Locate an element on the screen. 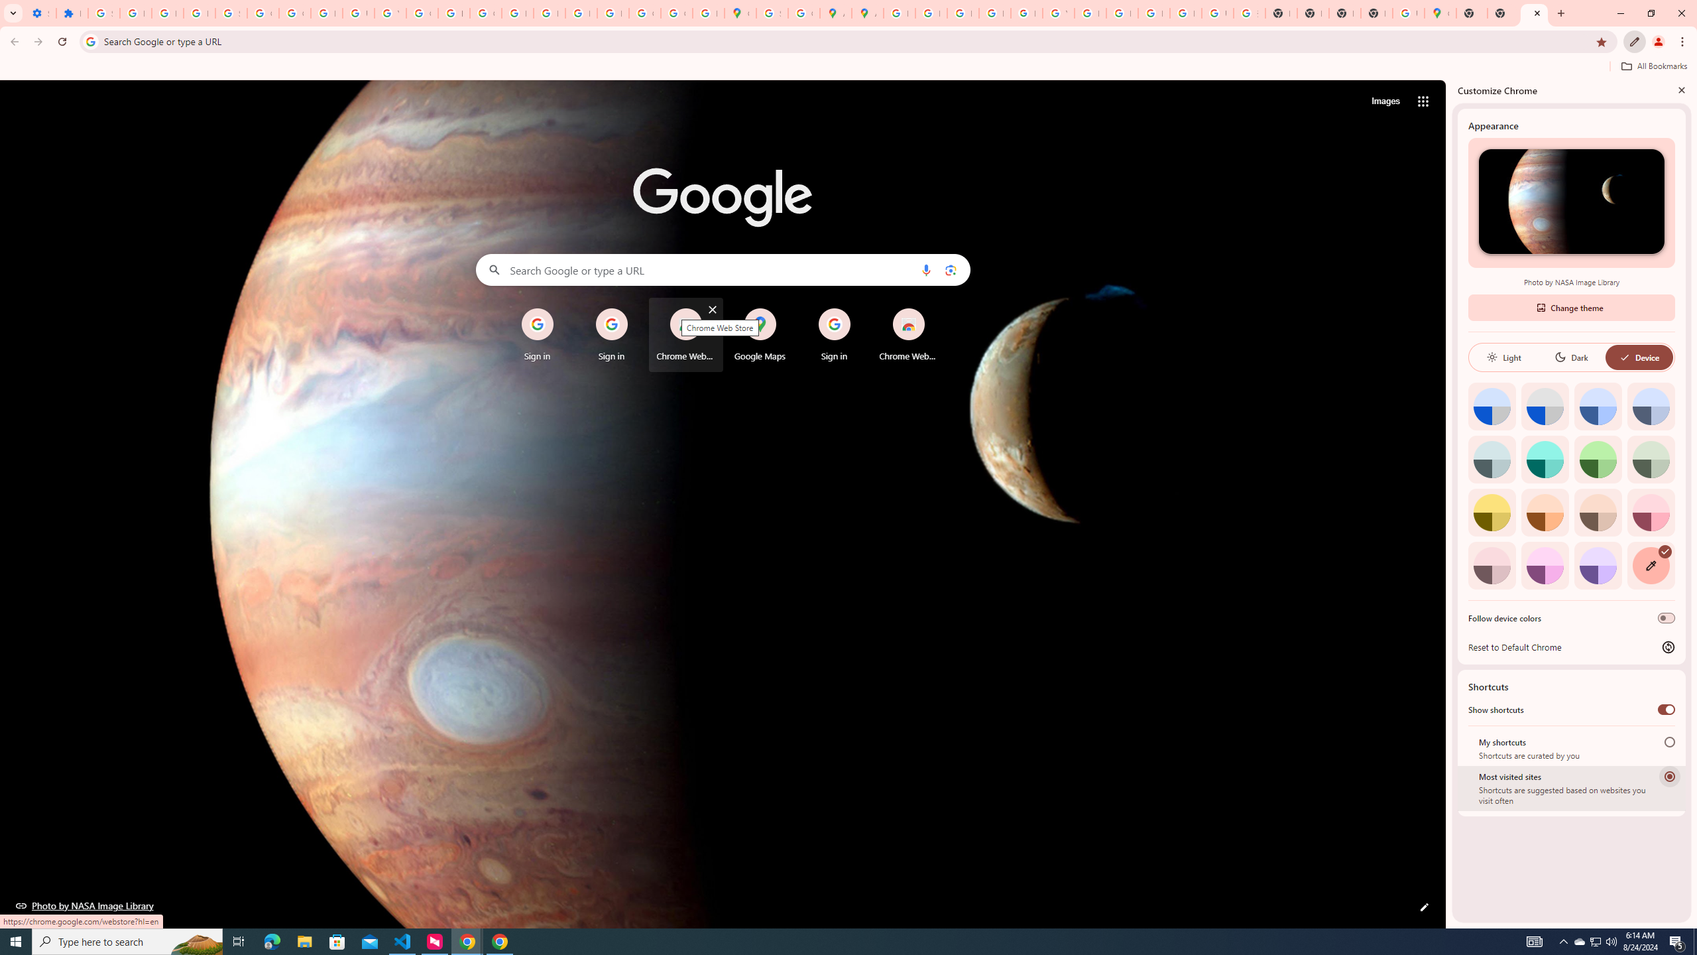 The image size is (1697, 955). 'https://scholar.google.com/' is located at coordinates (453, 13).